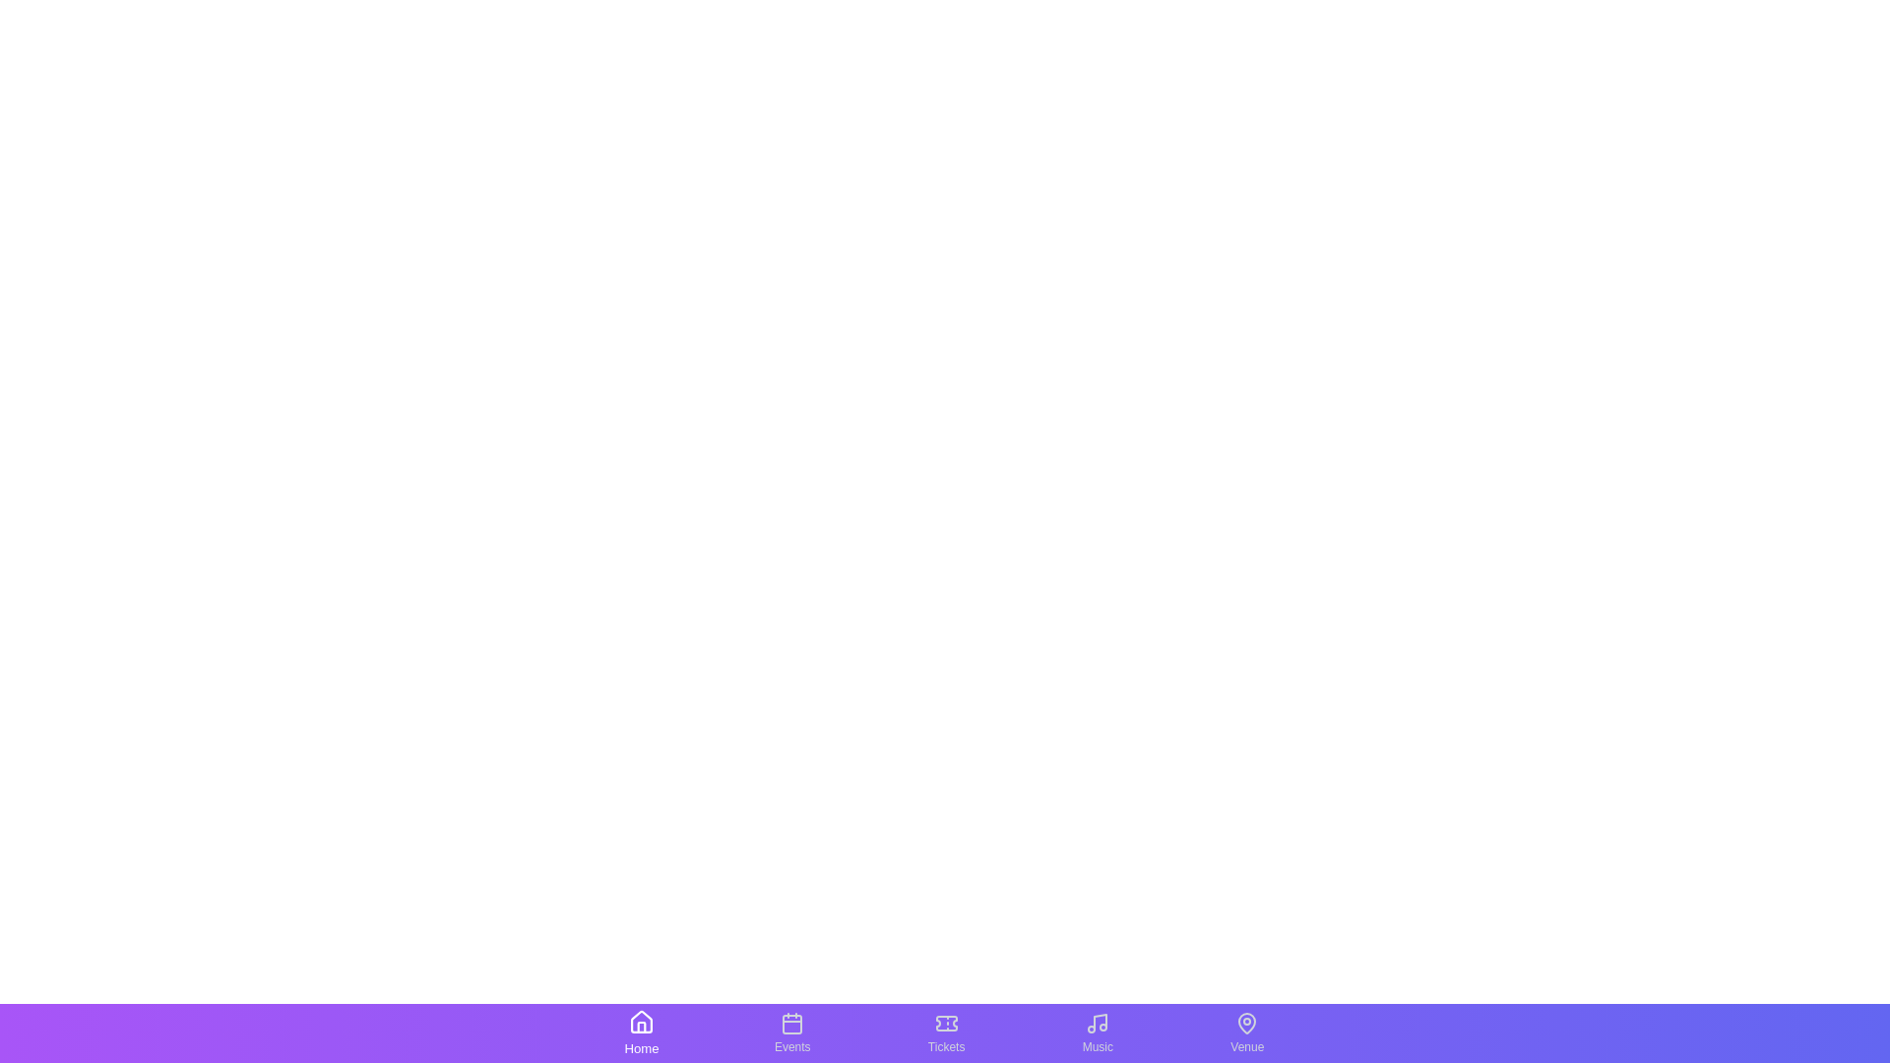 This screenshot has height=1063, width=1890. Describe the element at coordinates (946, 1032) in the screenshot. I see `the tab labeled Tickets to navigate to its section` at that location.